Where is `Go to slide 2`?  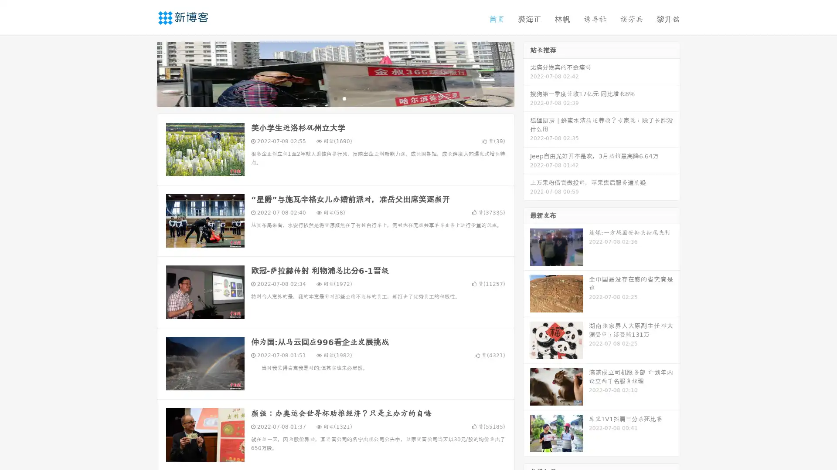 Go to slide 2 is located at coordinates (335, 98).